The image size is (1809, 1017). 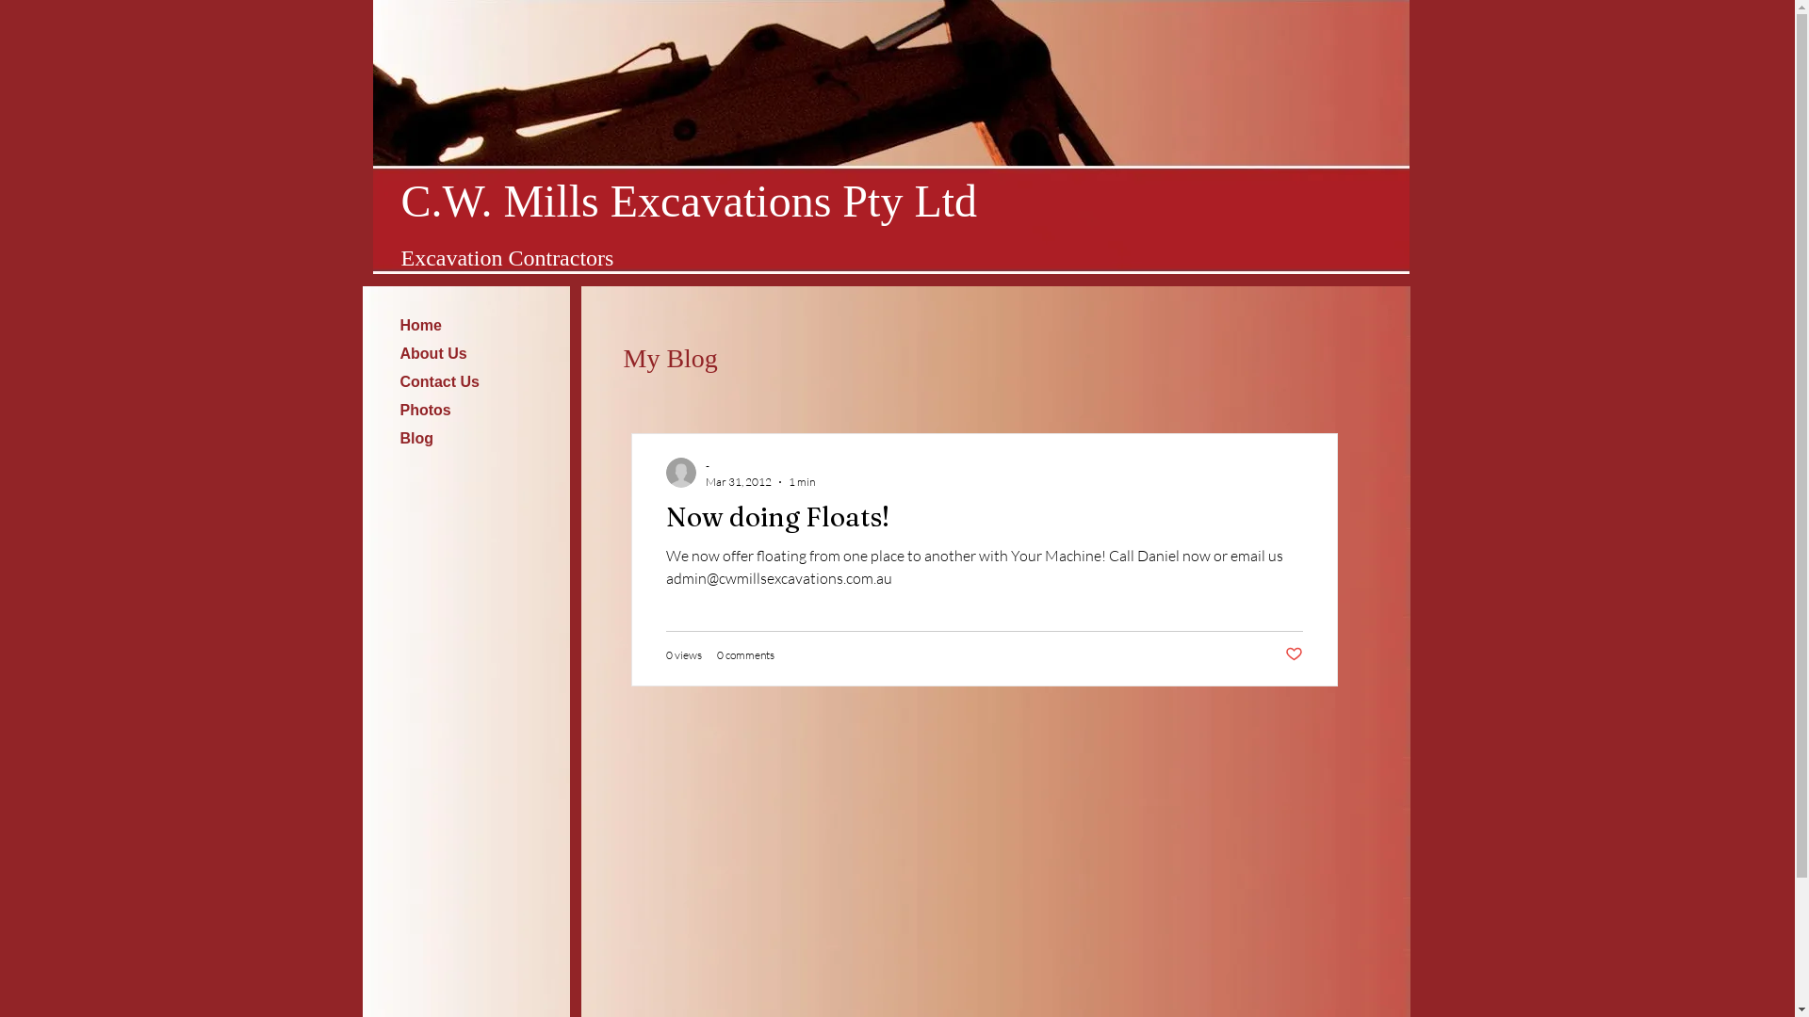 What do you see at coordinates (424, 409) in the screenshot?
I see `'Photos'` at bounding box center [424, 409].